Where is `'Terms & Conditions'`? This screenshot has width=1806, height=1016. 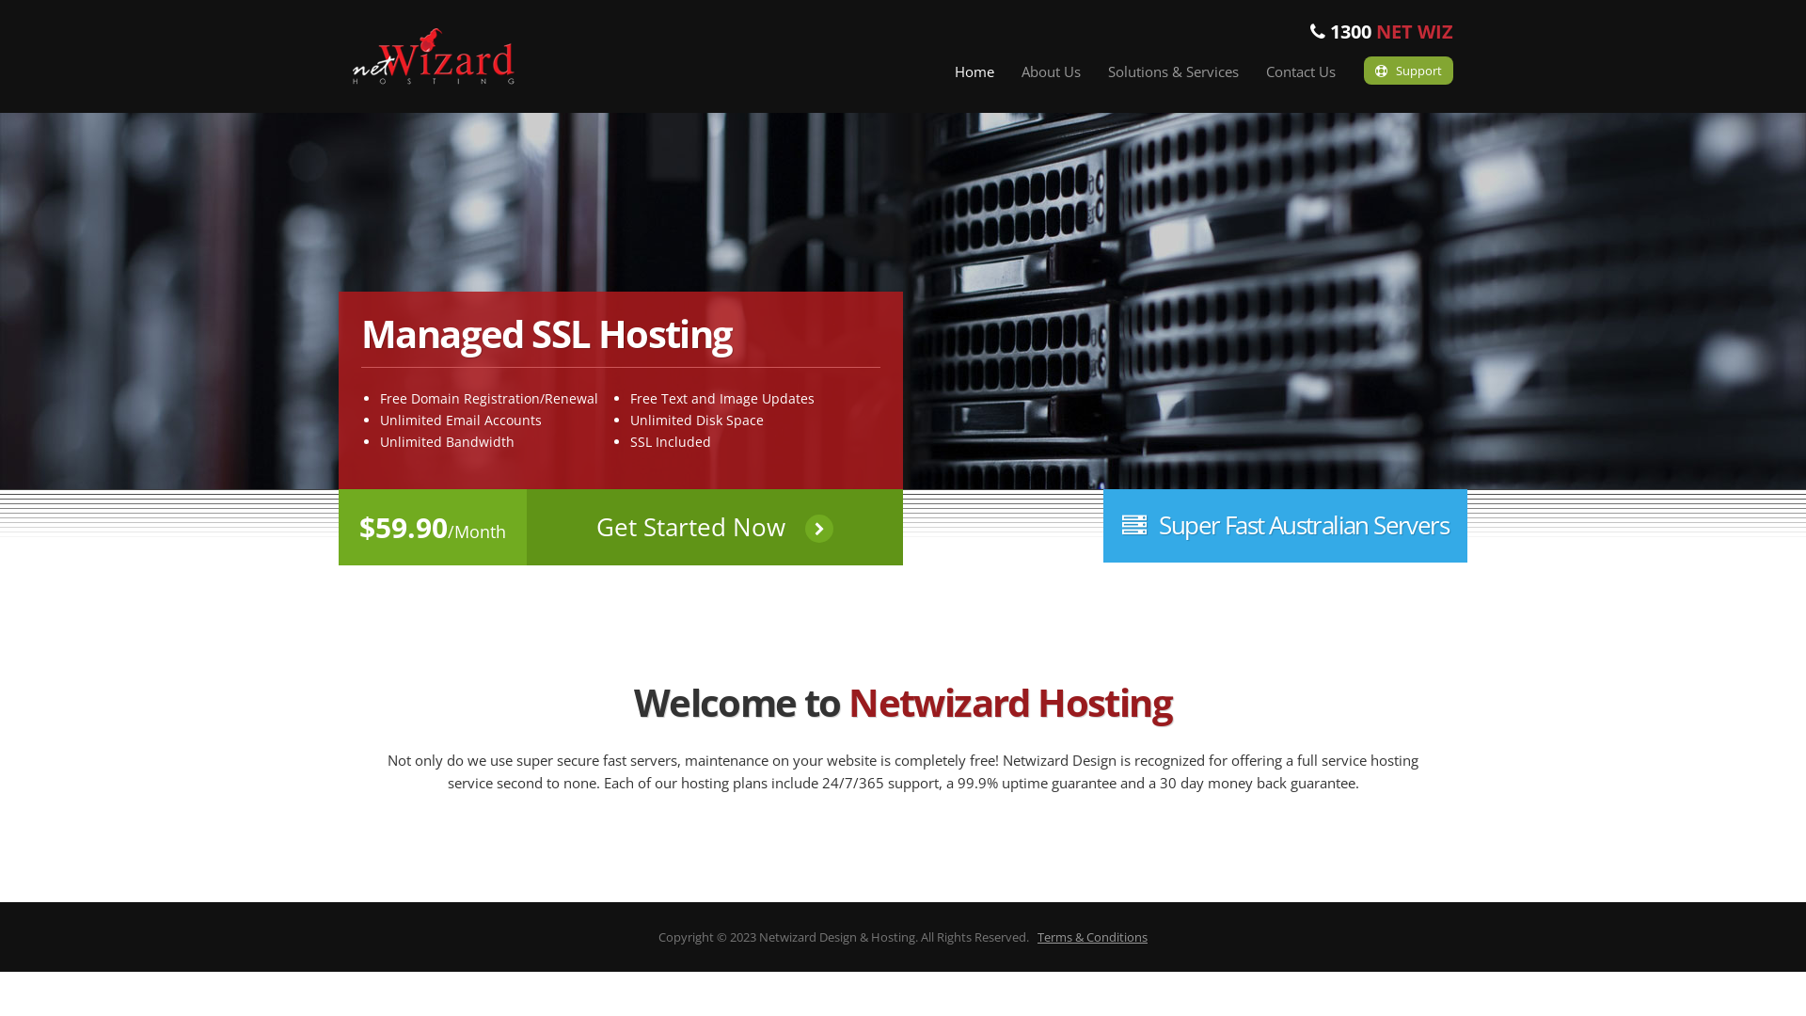
'Terms & Conditions' is located at coordinates (1092, 936).